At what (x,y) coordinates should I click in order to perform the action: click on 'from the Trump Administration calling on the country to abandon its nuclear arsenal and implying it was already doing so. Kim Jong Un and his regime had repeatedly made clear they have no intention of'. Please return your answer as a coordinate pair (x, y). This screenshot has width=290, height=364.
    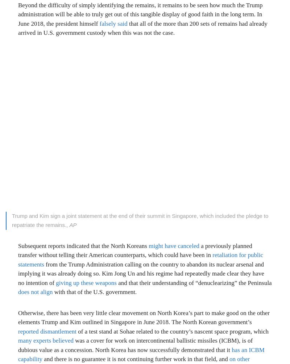
    Looking at the image, I should click on (18, 273).